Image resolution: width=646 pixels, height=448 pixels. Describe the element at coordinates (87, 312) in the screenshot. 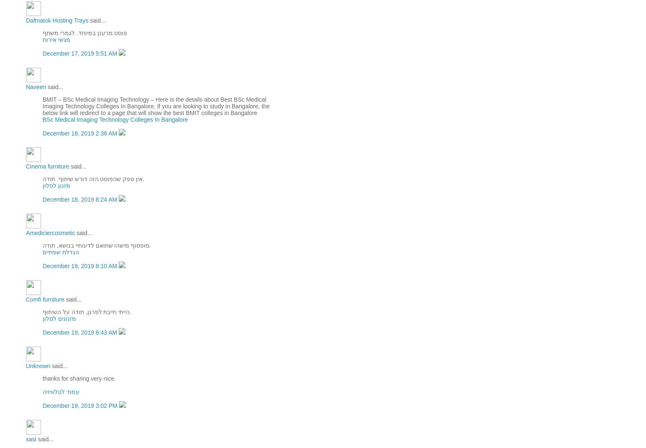

I see `'הייתי חייבת לפרגן, תודה על השיתוף.'` at that location.